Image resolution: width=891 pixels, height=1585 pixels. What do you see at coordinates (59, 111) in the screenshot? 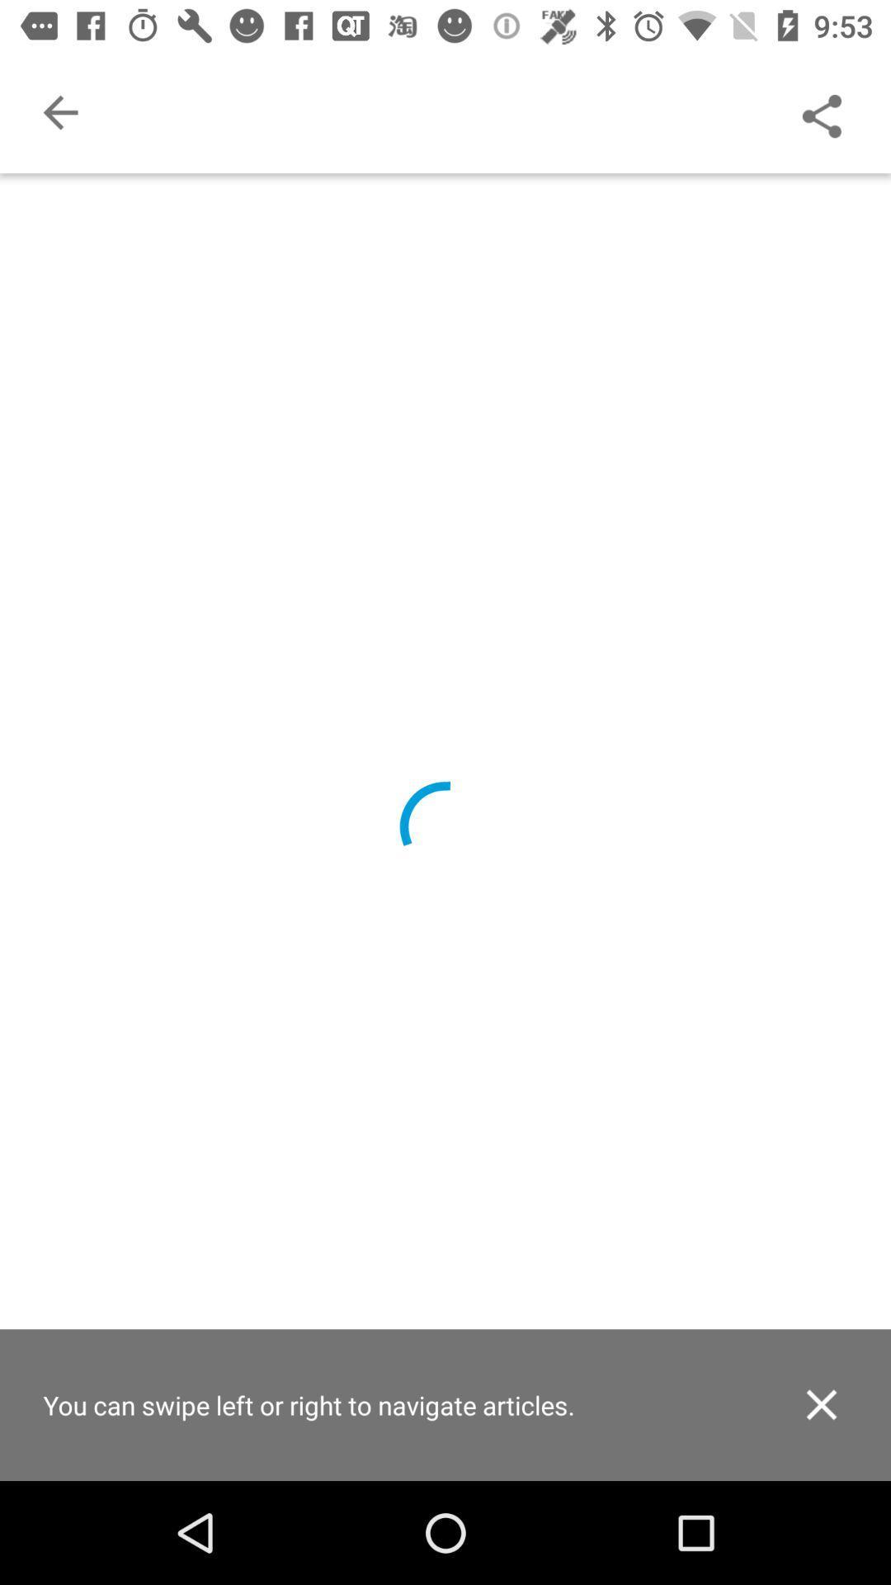
I see `item above you can swipe` at bounding box center [59, 111].